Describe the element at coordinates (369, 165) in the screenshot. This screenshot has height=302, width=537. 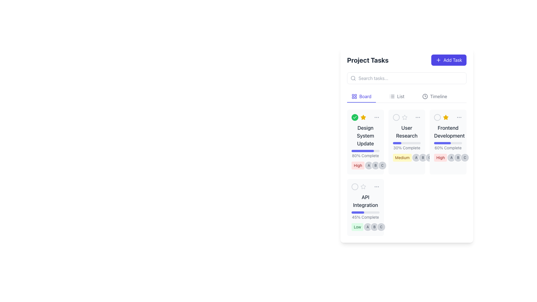
I see `the first circular icon labeled 'A' in the 'Design System Update' task card` at that location.